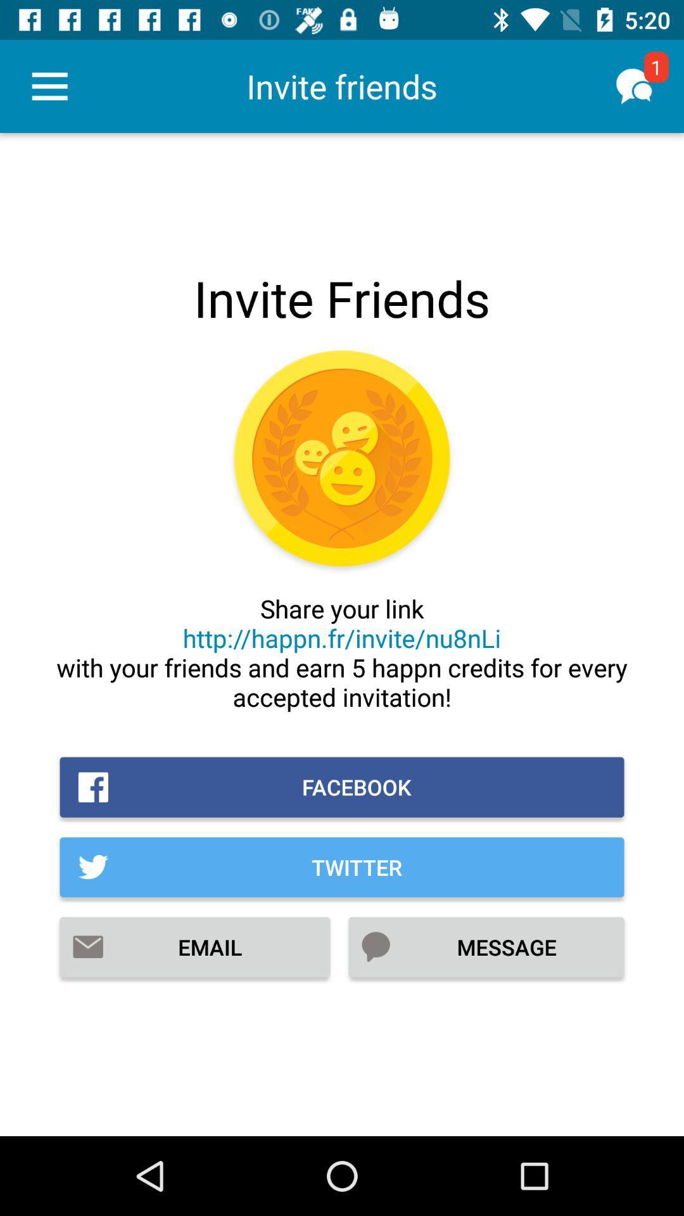  I want to click on the item below share your link icon, so click(342, 787).